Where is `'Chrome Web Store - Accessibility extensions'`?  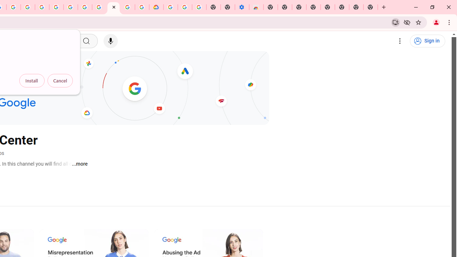
'Chrome Web Store - Accessibility extensions' is located at coordinates (256, 7).